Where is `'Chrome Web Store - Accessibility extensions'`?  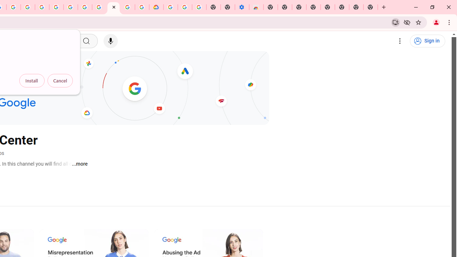
'Chrome Web Store - Accessibility extensions' is located at coordinates (256, 7).